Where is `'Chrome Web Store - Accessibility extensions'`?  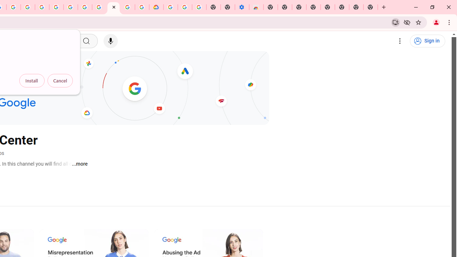
'Chrome Web Store - Accessibility extensions' is located at coordinates (256, 7).